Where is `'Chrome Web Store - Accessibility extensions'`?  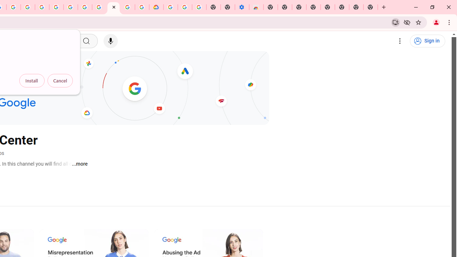
'Chrome Web Store - Accessibility extensions' is located at coordinates (256, 7).